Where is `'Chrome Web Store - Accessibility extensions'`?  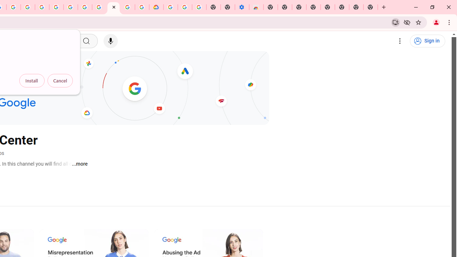
'Chrome Web Store - Accessibility extensions' is located at coordinates (256, 7).